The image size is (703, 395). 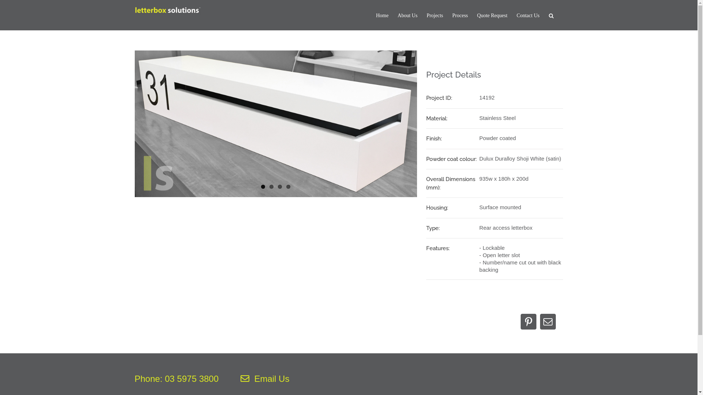 What do you see at coordinates (382, 15) in the screenshot?
I see `'Home'` at bounding box center [382, 15].